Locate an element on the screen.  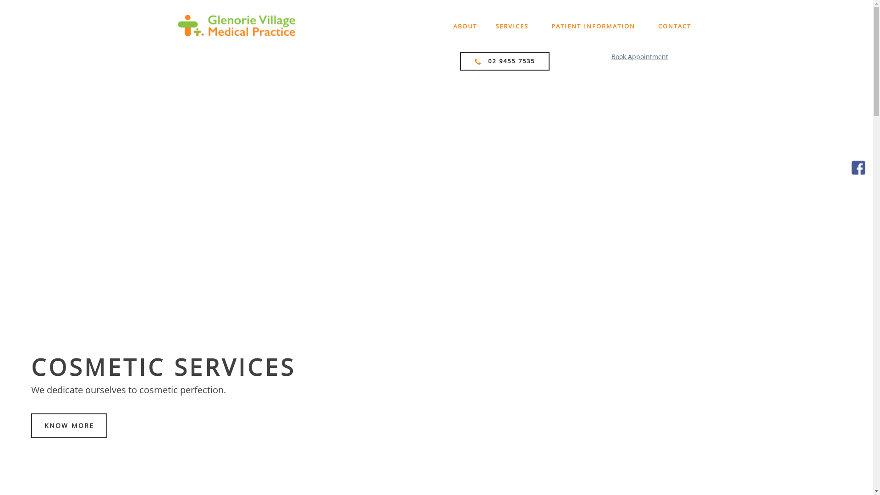
'Book Appointment' is located at coordinates (639, 56).